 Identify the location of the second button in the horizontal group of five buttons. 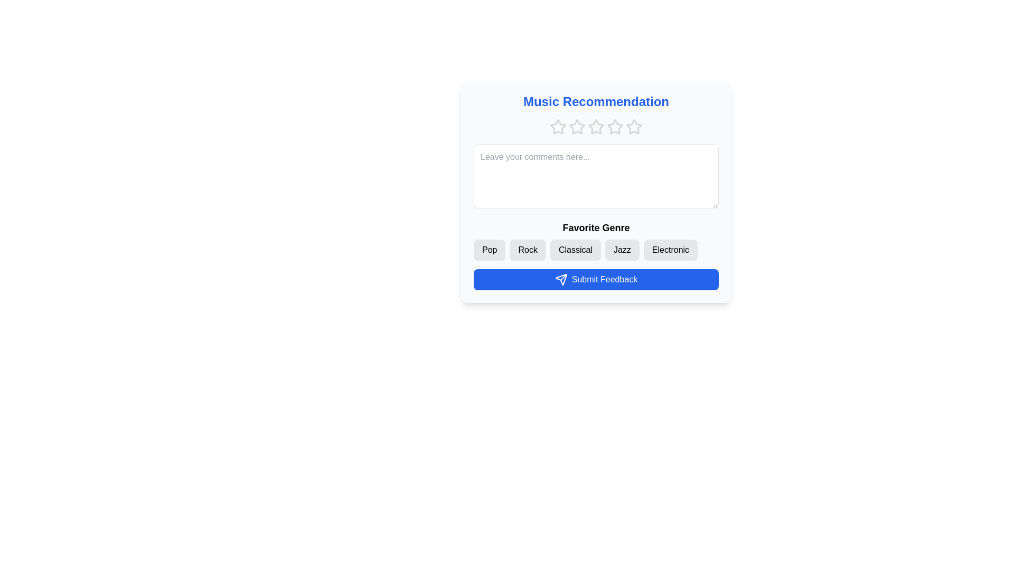
(528, 250).